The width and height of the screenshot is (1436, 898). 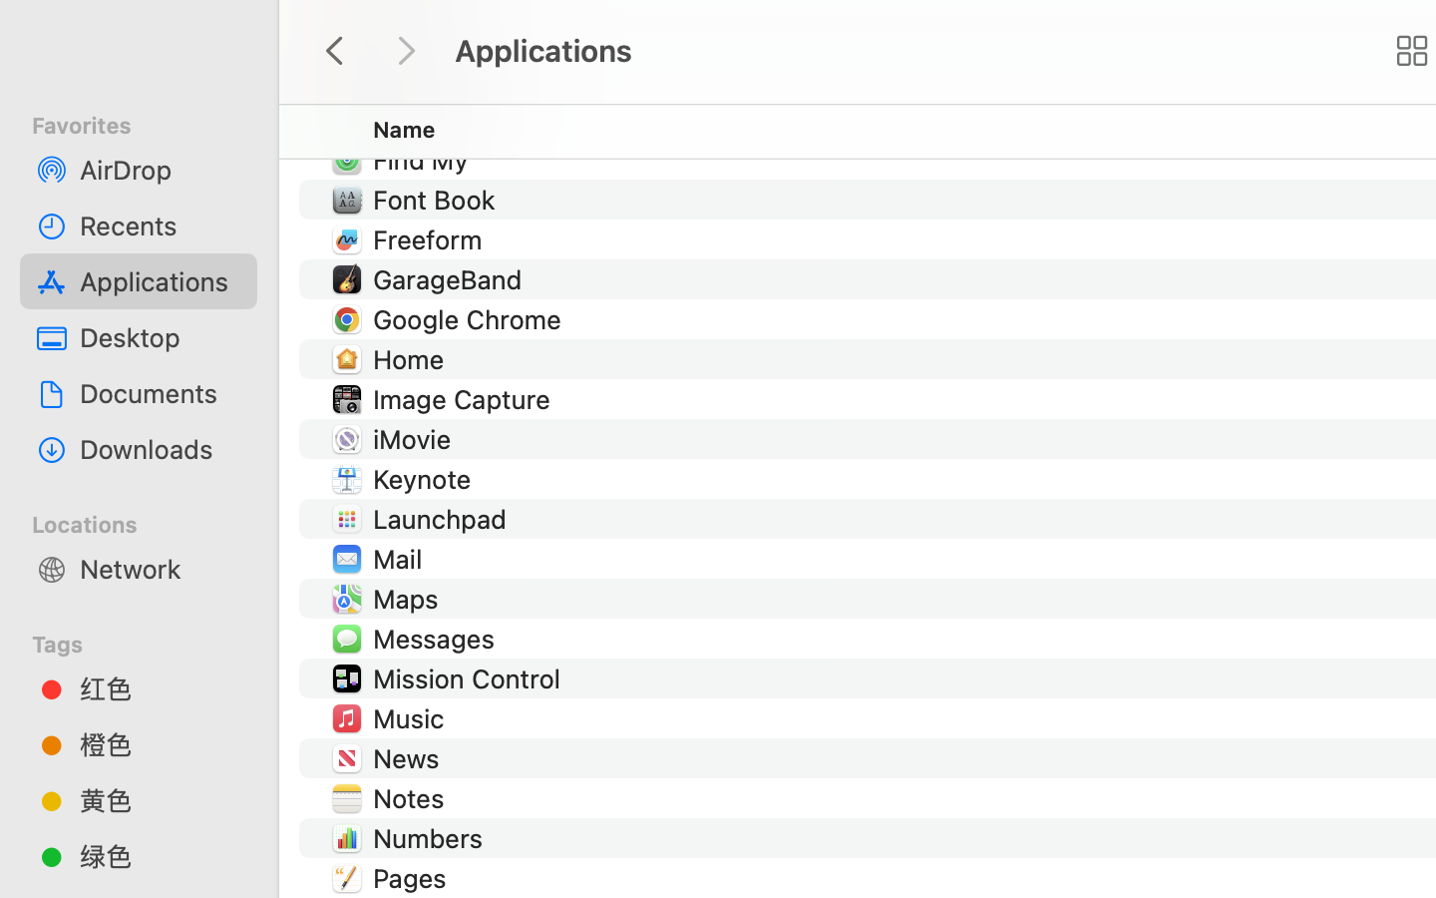 What do you see at coordinates (472, 318) in the screenshot?
I see `'Google Chrome'` at bounding box center [472, 318].